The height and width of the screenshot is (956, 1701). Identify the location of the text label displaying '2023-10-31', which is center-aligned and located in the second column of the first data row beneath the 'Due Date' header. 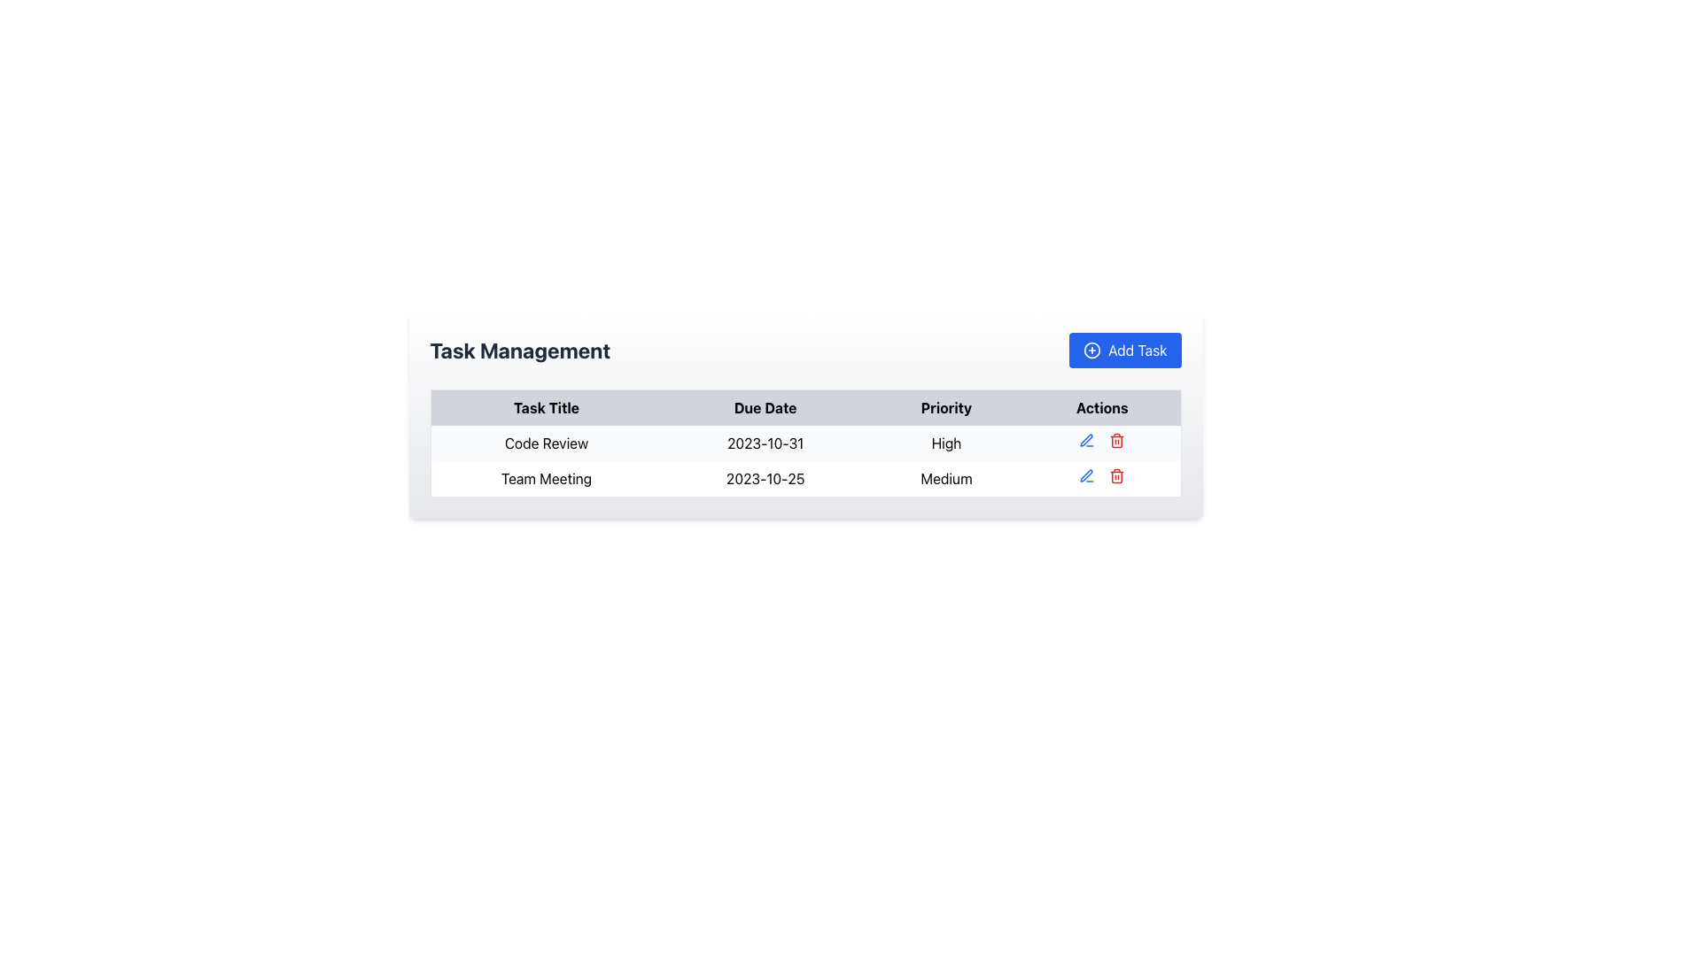
(765, 443).